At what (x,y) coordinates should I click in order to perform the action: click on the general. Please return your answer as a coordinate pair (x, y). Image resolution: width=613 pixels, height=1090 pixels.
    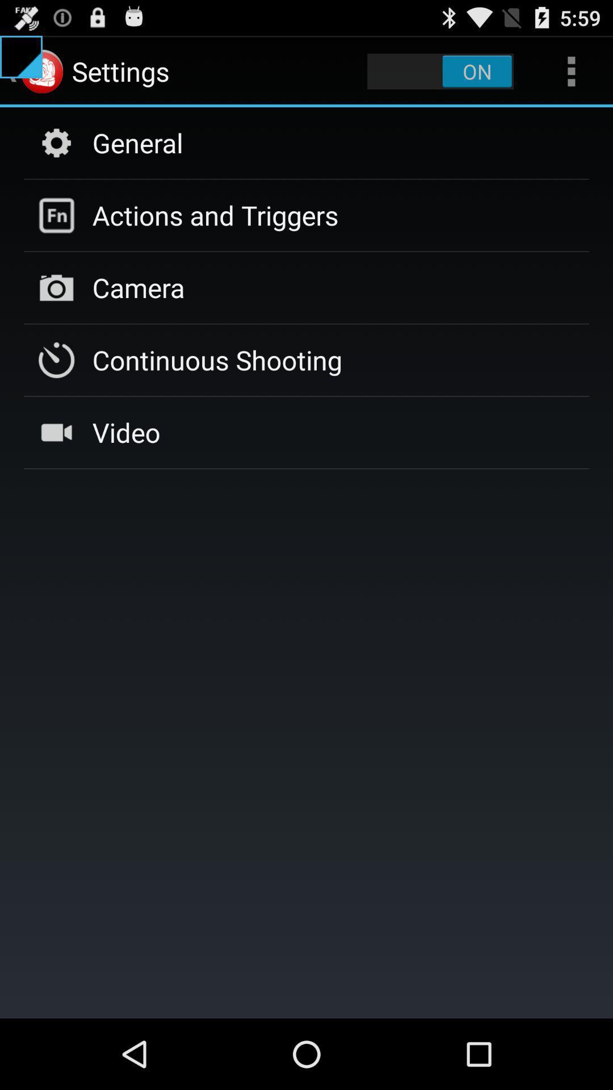
    Looking at the image, I should click on (137, 142).